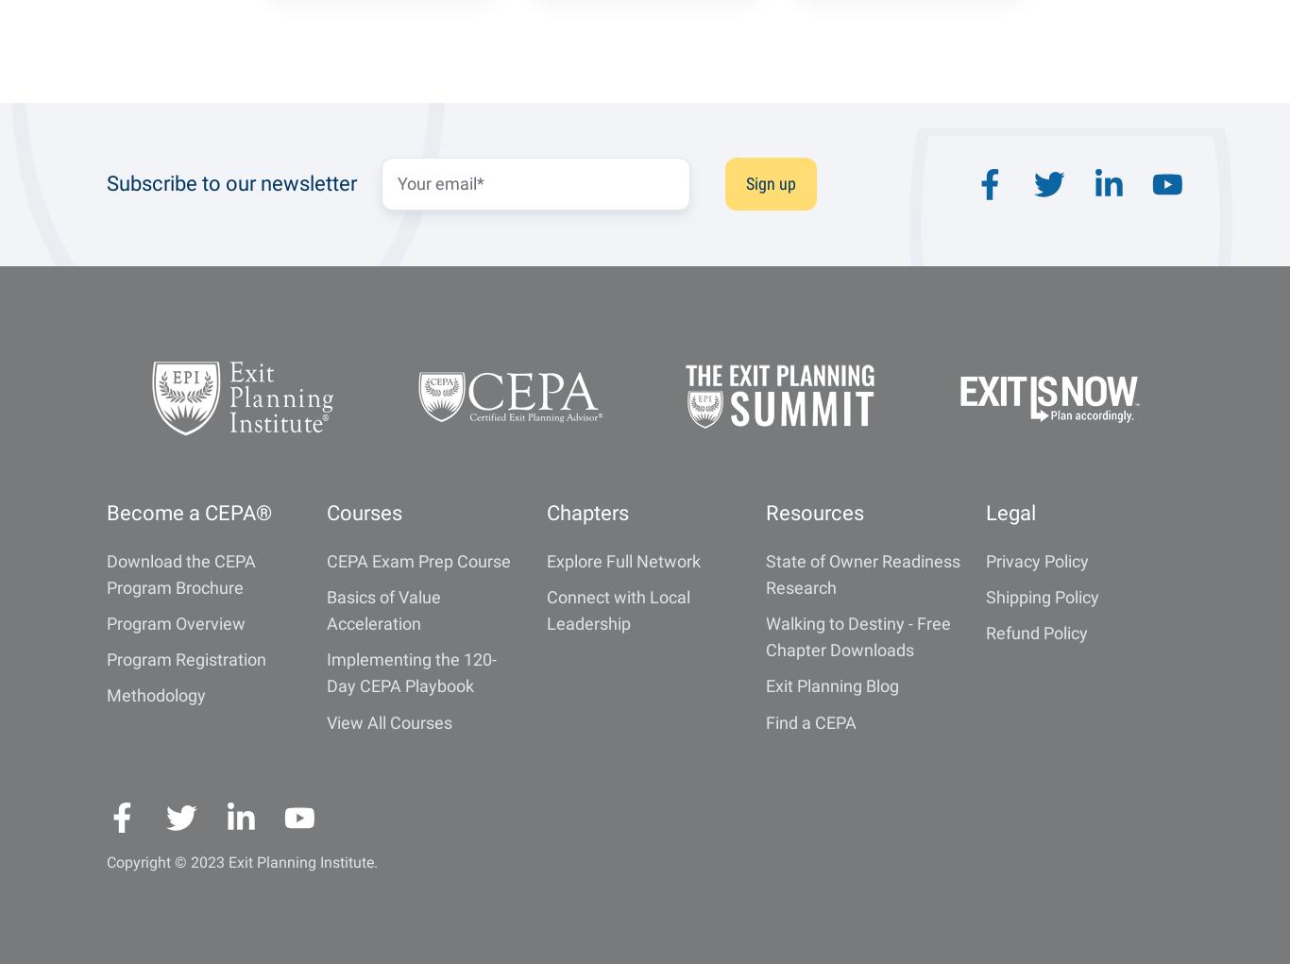  Describe the element at coordinates (814, 512) in the screenshot. I see `'Resources'` at that location.